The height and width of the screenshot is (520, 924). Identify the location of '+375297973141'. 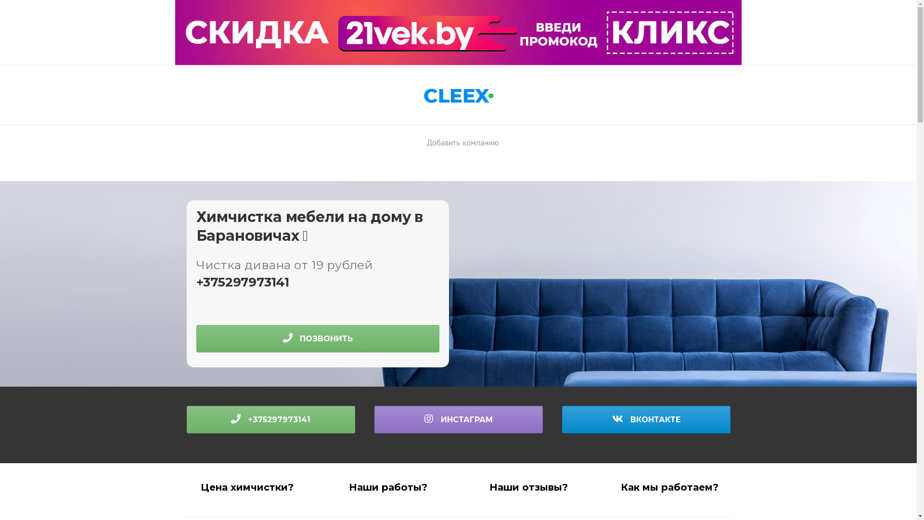
(243, 282).